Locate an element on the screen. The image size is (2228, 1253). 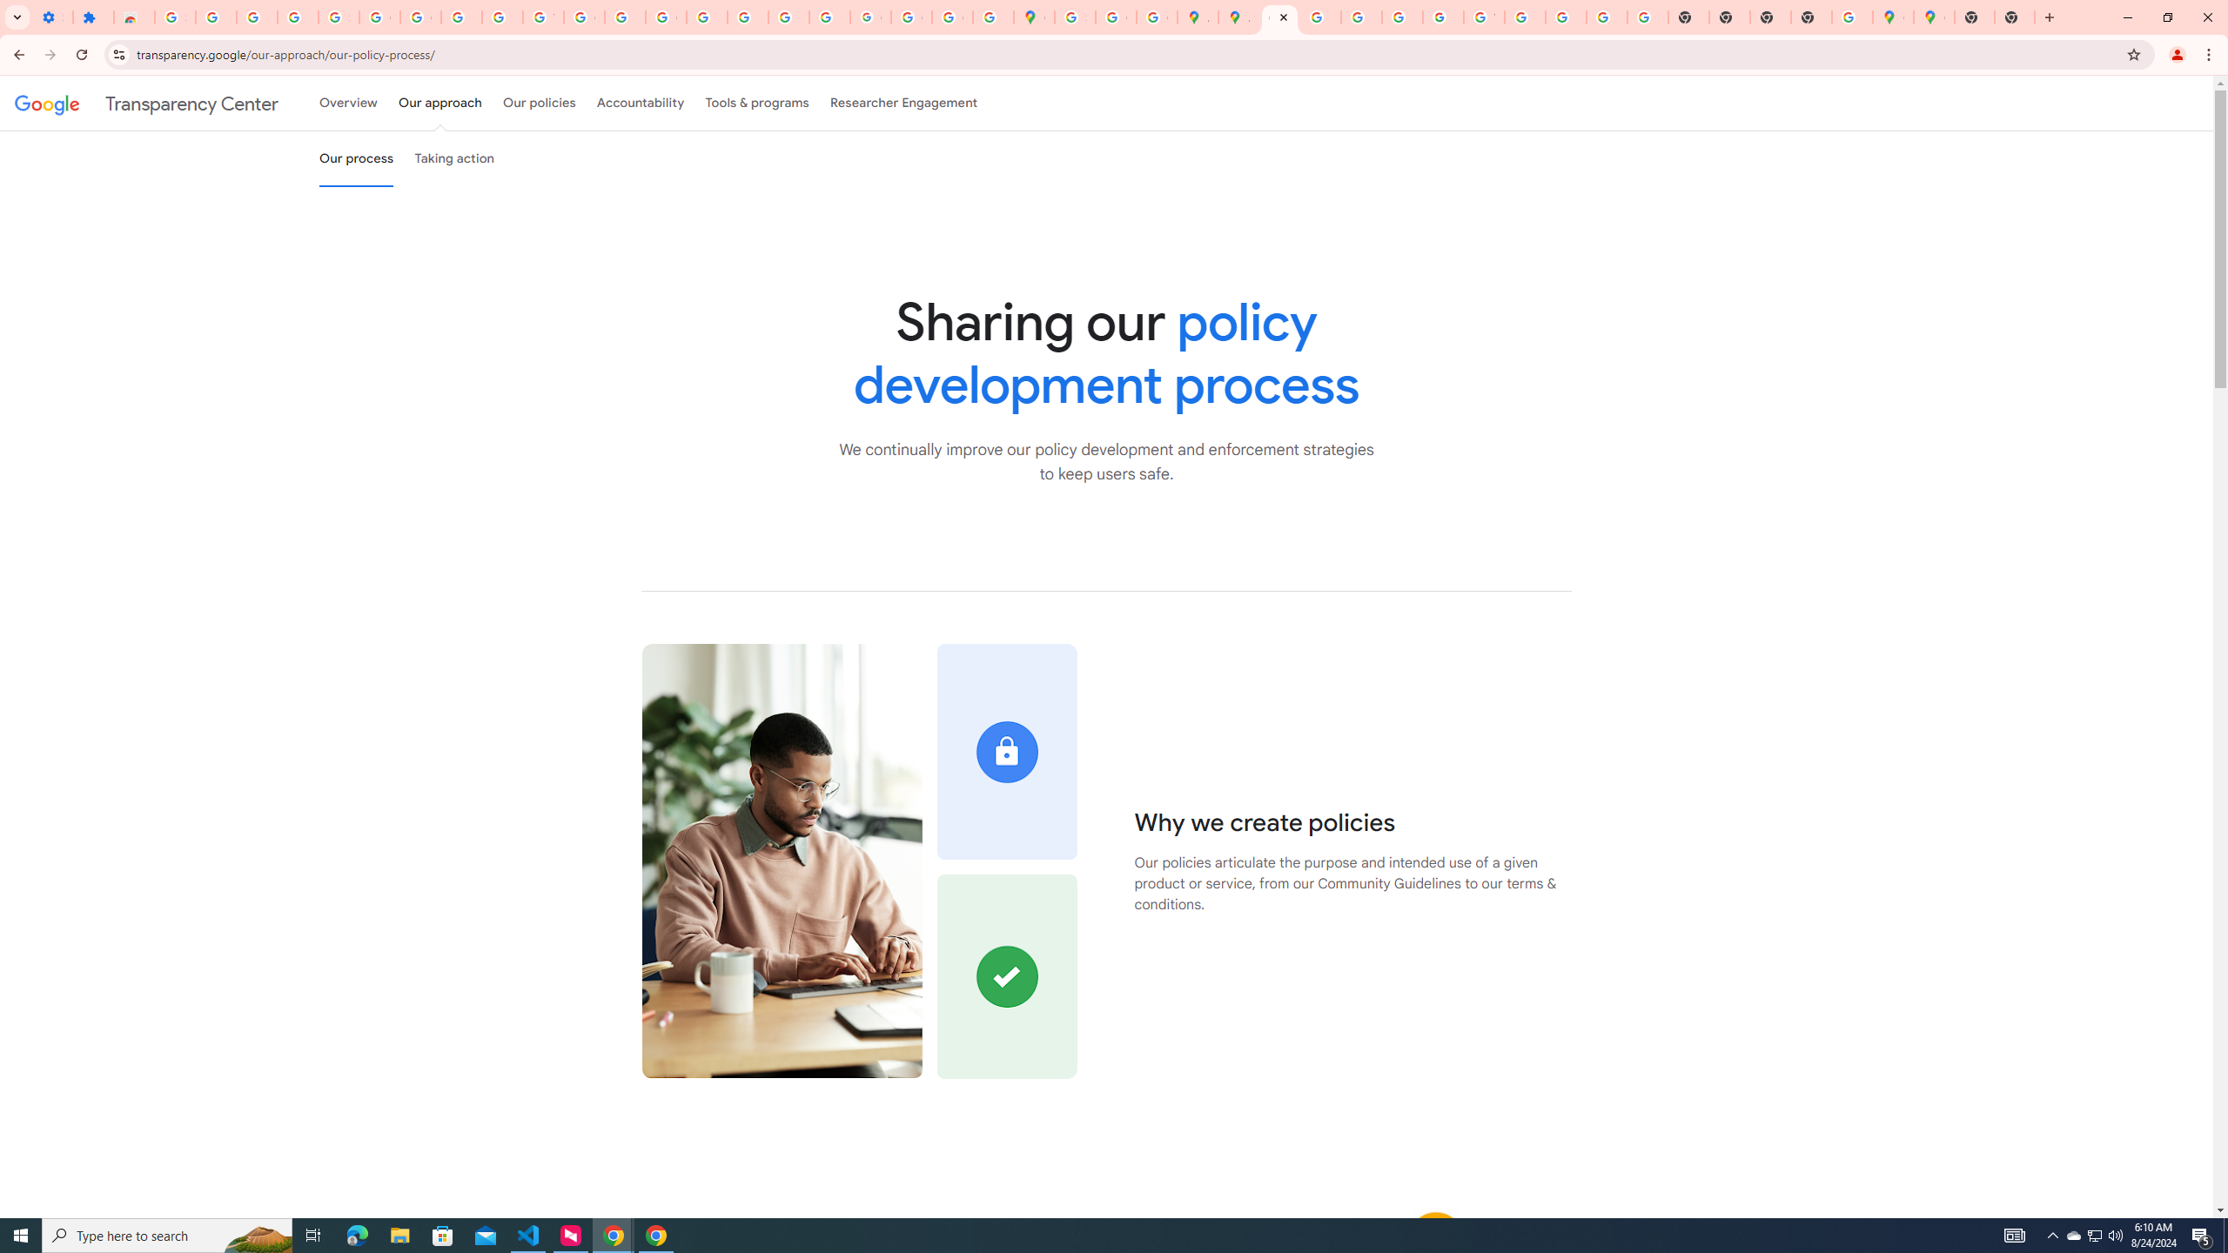
'Tools & programs' is located at coordinates (756, 103).